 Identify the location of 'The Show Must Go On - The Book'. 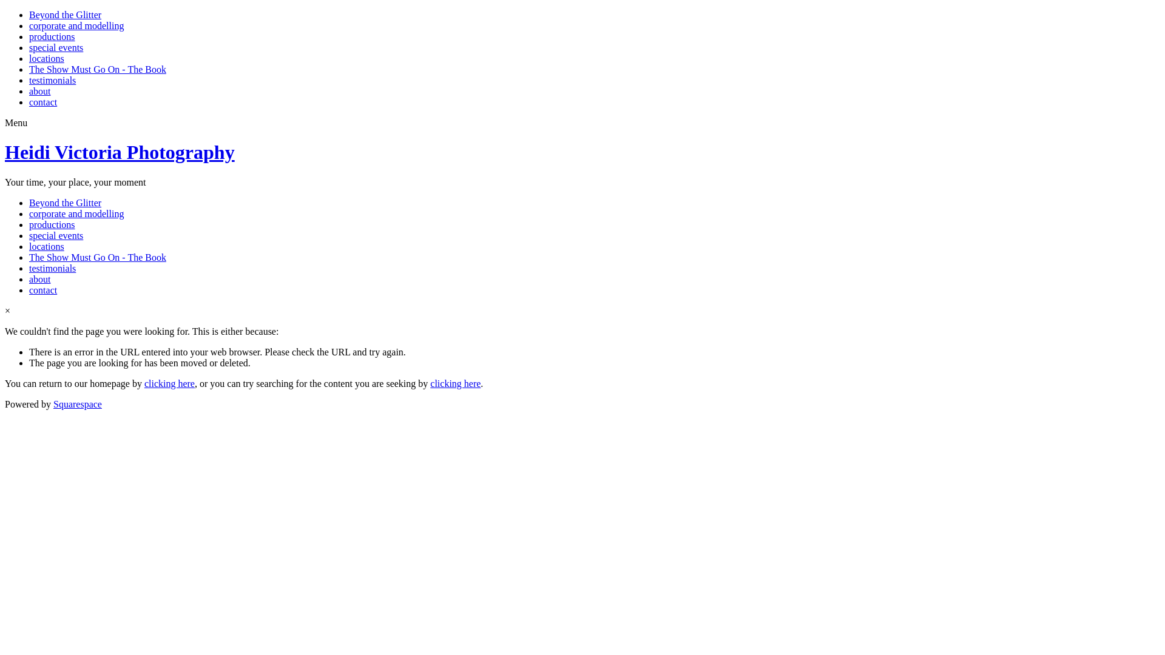
(98, 69).